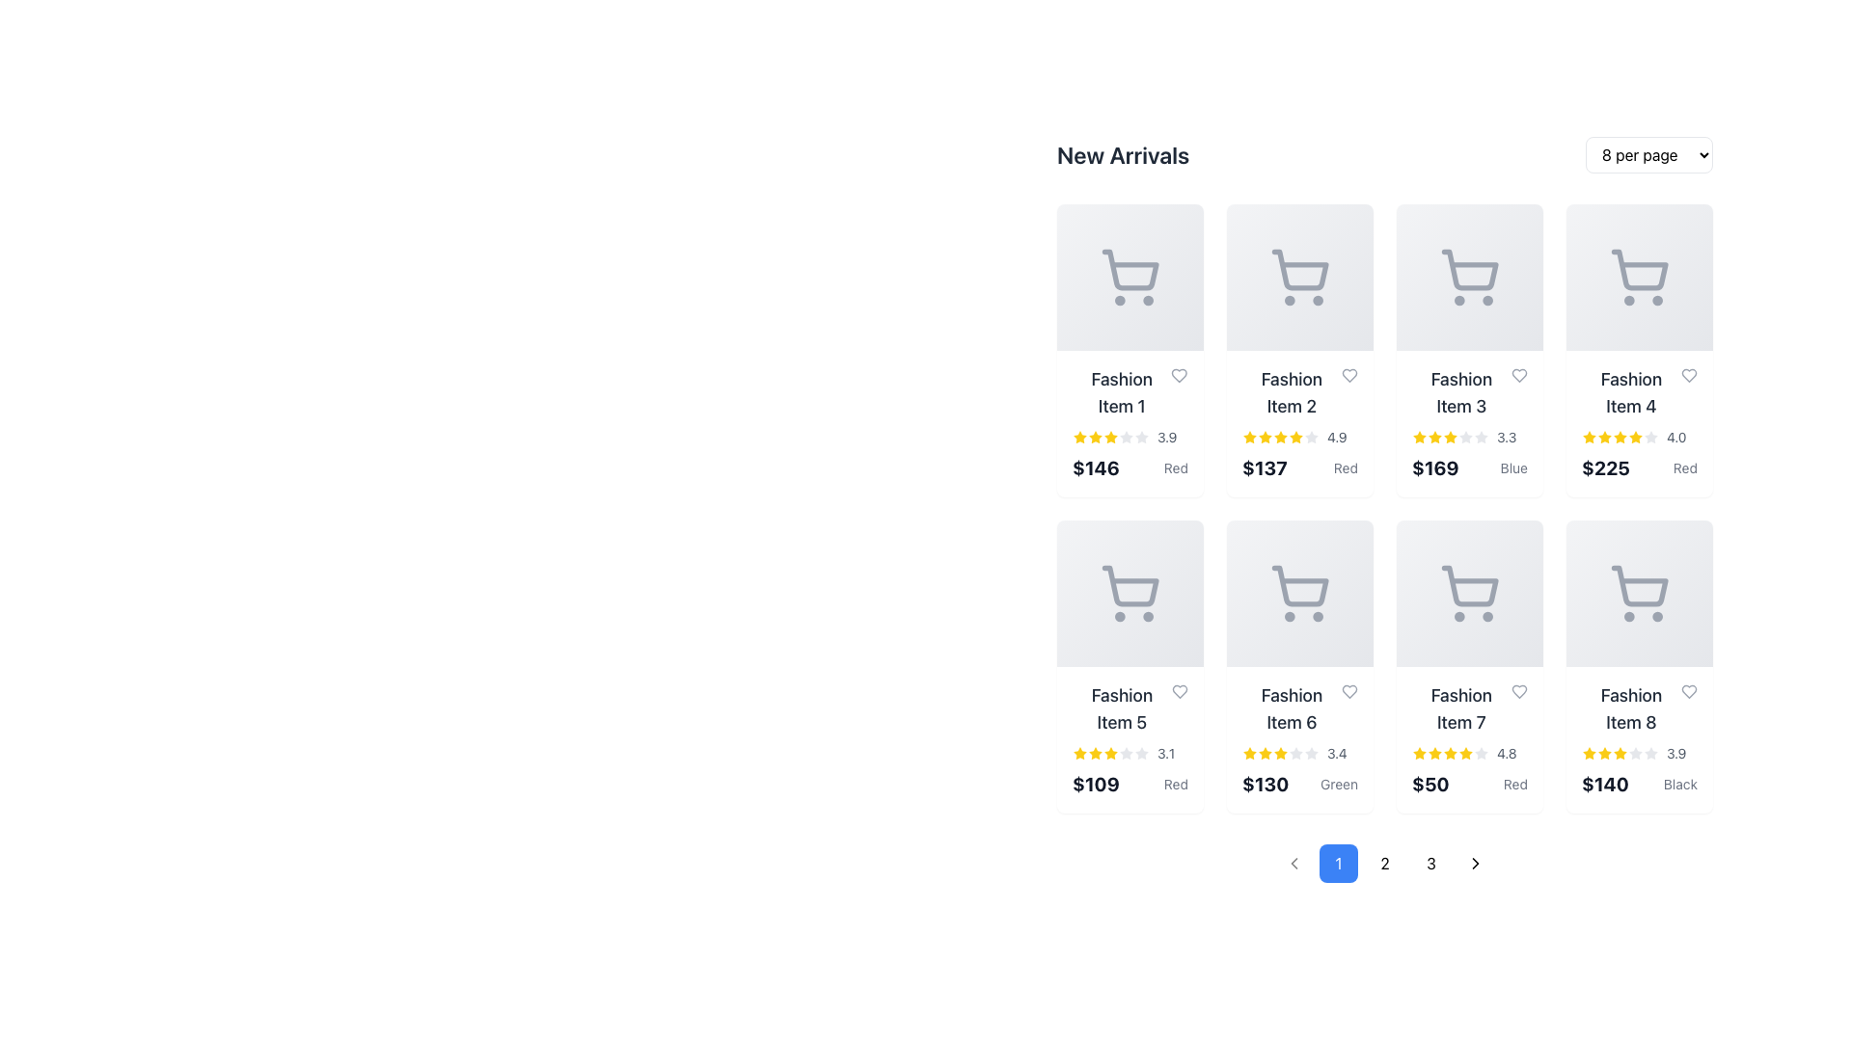 Image resolution: width=1852 pixels, height=1041 pixels. Describe the element at coordinates (1096, 752) in the screenshot. I see `the second golden-yellow star icon in the rating system displayed under the product listing card for 'Fashion Item 5'` at that location.